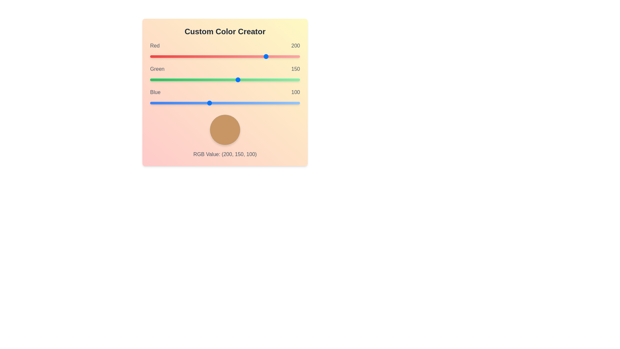  I want to click on the Green slider to set the green component to 152, so click(239, 79).